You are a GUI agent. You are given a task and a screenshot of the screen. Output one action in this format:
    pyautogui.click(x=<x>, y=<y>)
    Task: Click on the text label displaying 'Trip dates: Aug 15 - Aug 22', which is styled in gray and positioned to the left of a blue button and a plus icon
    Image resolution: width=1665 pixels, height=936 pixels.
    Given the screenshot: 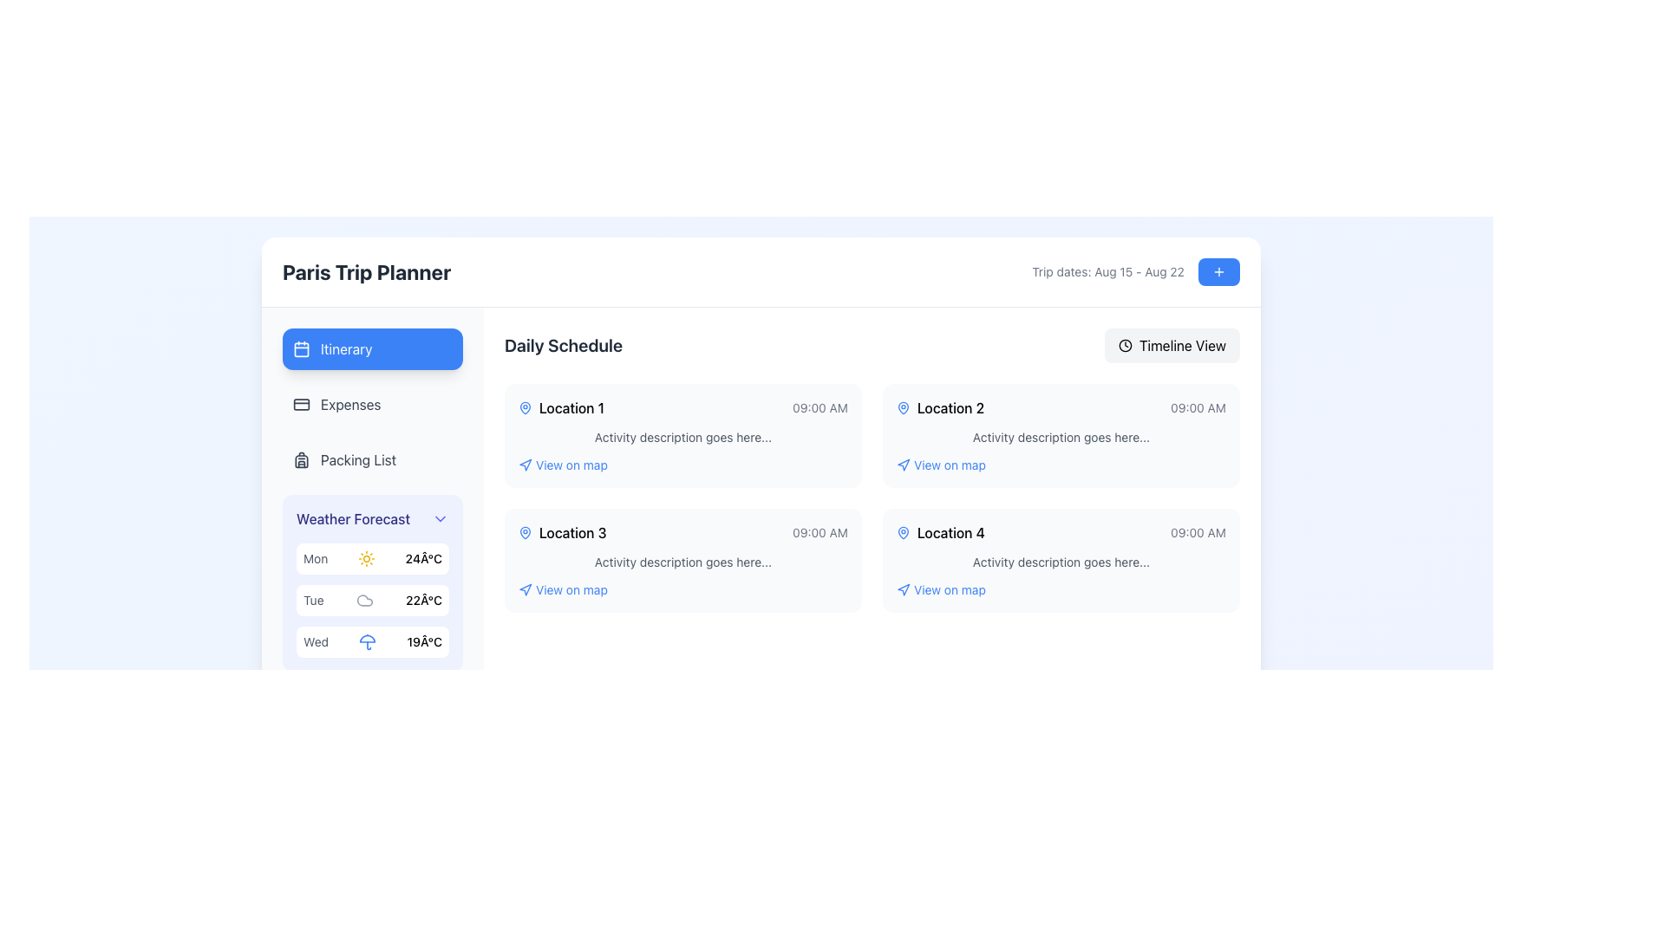 What is the action you would take?
    pyautogui.click(x=1107, y=271)
    